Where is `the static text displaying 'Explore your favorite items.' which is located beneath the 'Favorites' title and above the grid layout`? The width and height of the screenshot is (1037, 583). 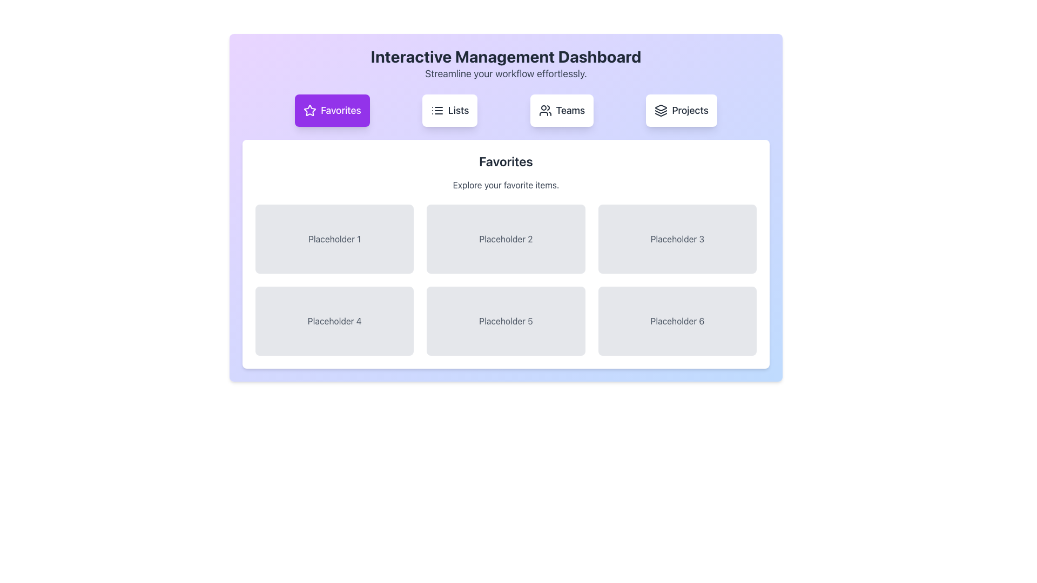 the static text displaying 'Explore your favorite items.' which is located beneath the 'Favorites' title and above the grid layout is located at coordinates (505, 185).